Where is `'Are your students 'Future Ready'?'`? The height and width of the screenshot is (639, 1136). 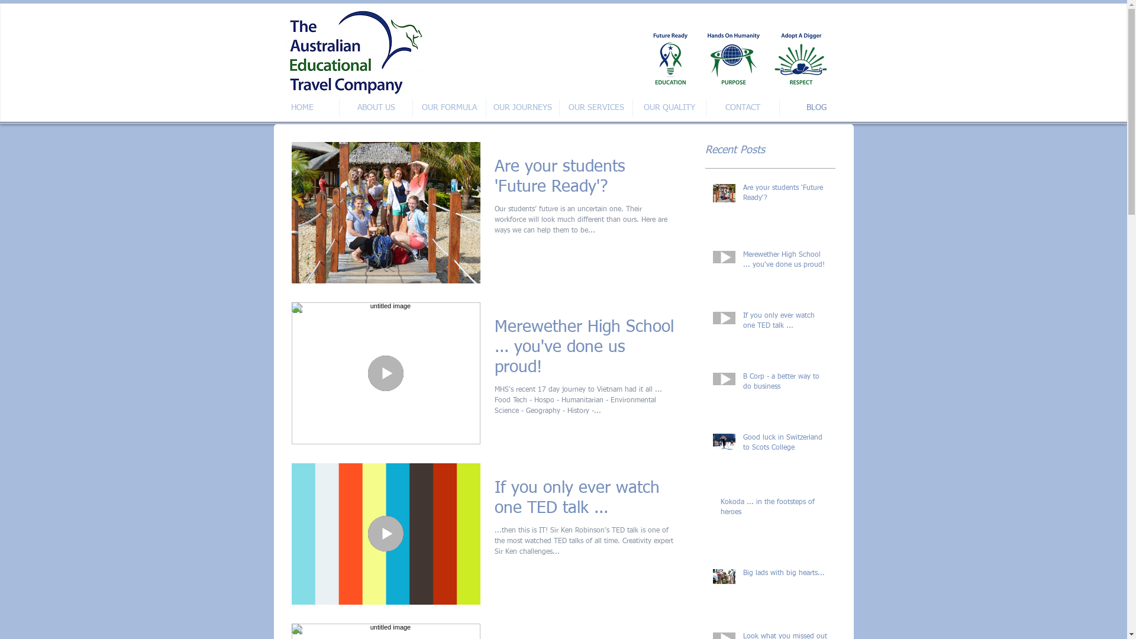 'Are your students 'Future Ready'?' is located at coordinates (786, 195).